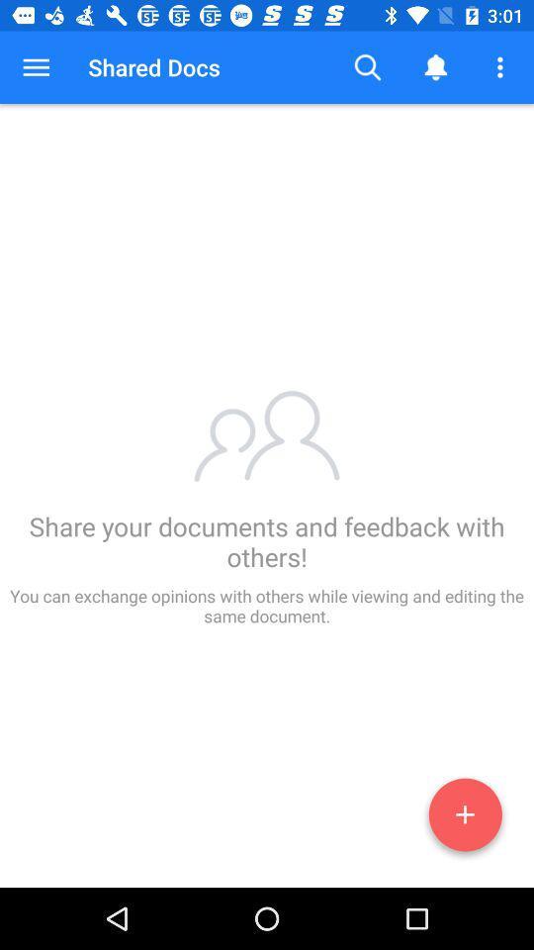 The width and height of the screenshot is (534, 950). Describe the element at coordinates (368, 67) in the screenshot. I see `icon next to shared docs` at that location.